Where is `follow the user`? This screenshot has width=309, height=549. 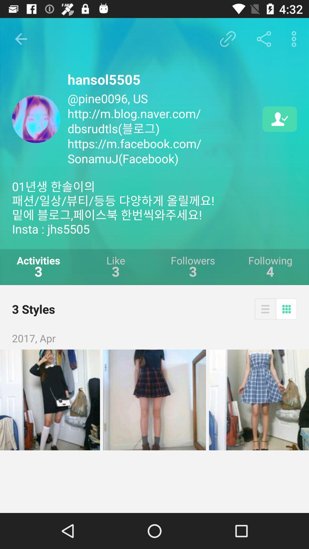 follow the user is located at coordinates (279, 119).